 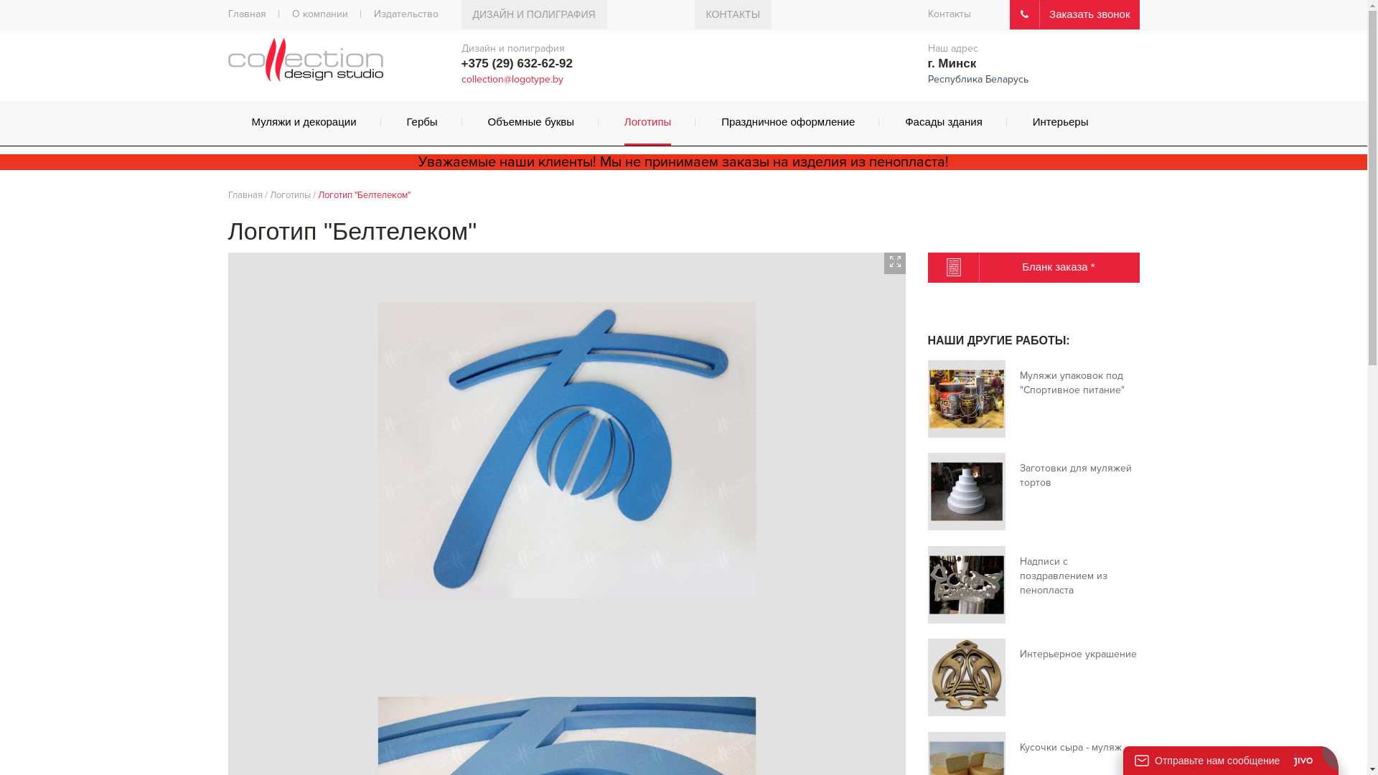 What do you see at coordinates (516, 62) in the screenshot?
I see `'+375 (29) 632-62-92'` at bounding box center [516, 62].